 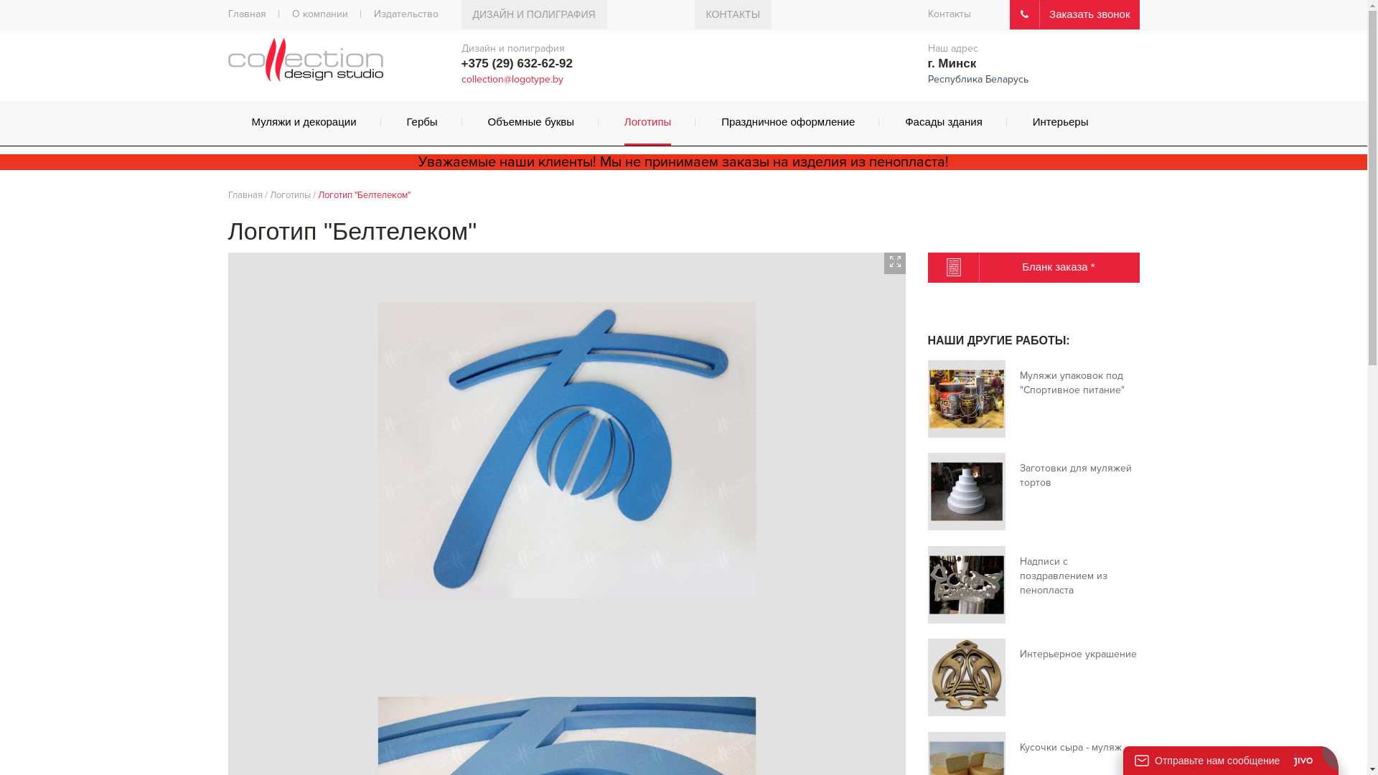 What do you see at coordinates (516, 62) in the screenshot?
I see `'+375 (29) 632-62-92'` at bounding box center [516, 62].